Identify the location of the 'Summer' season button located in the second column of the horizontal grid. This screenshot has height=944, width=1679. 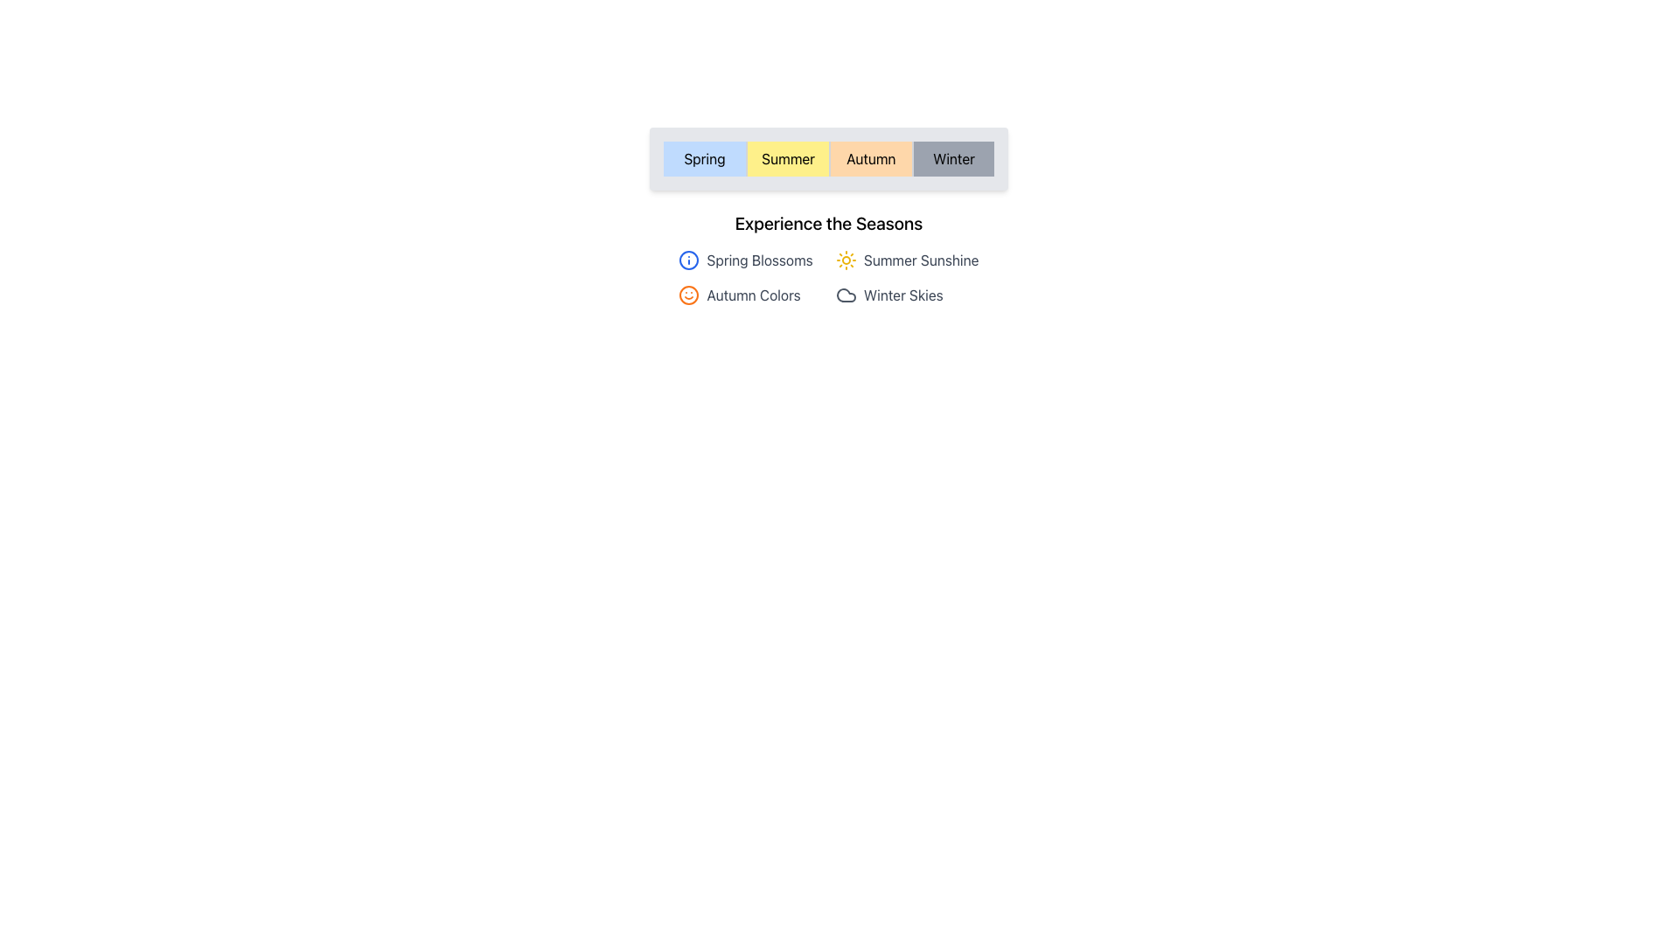
(786, 158).